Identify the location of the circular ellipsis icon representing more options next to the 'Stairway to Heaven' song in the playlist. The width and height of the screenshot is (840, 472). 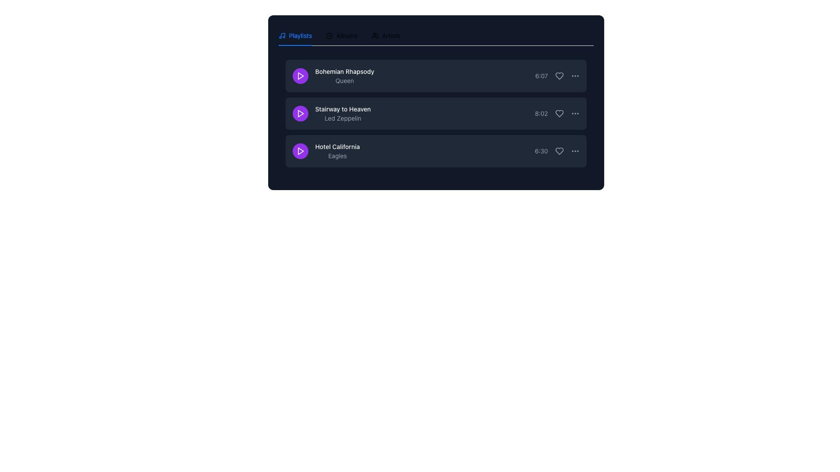
(575, 113).